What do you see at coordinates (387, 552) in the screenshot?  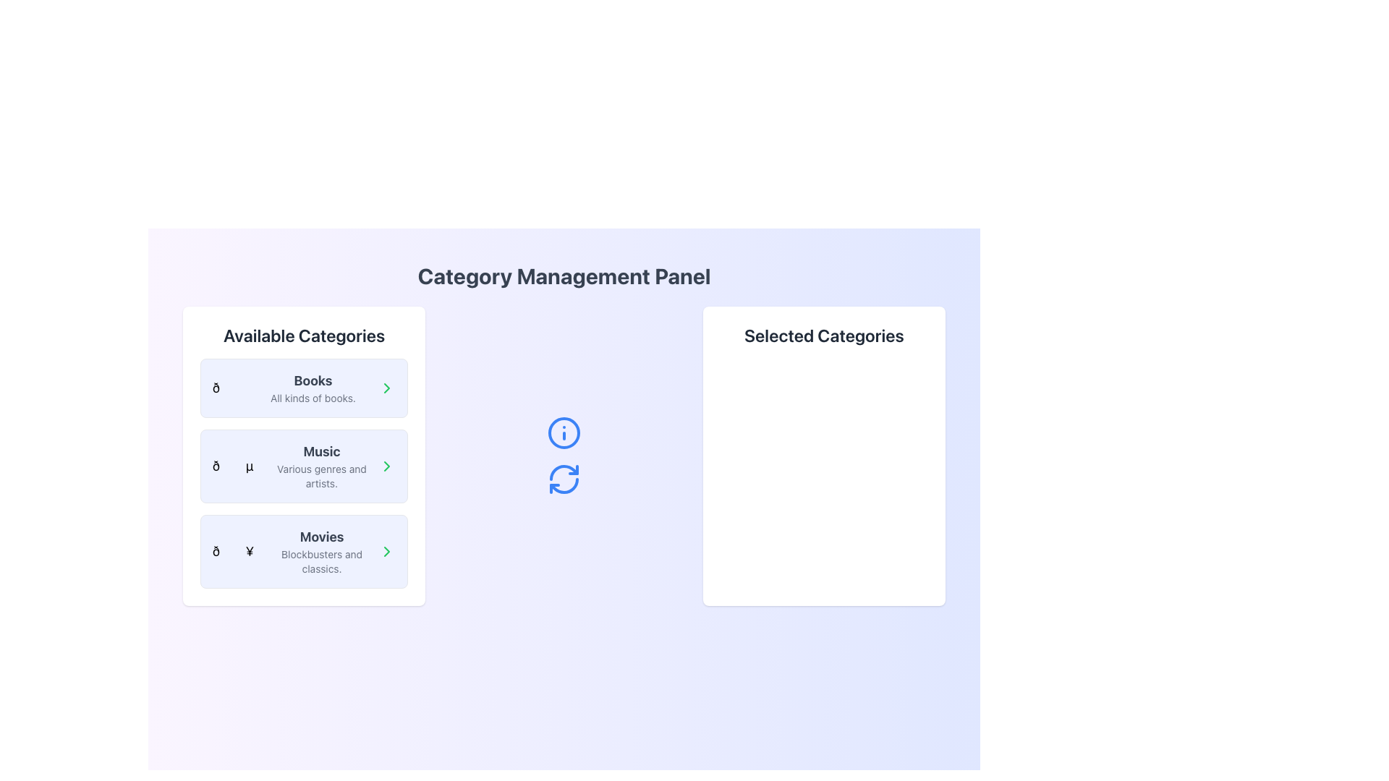 I see `the green arrow icon button located at the rightmost position in the 'Movies' category section` at bounding box center [387, 552].